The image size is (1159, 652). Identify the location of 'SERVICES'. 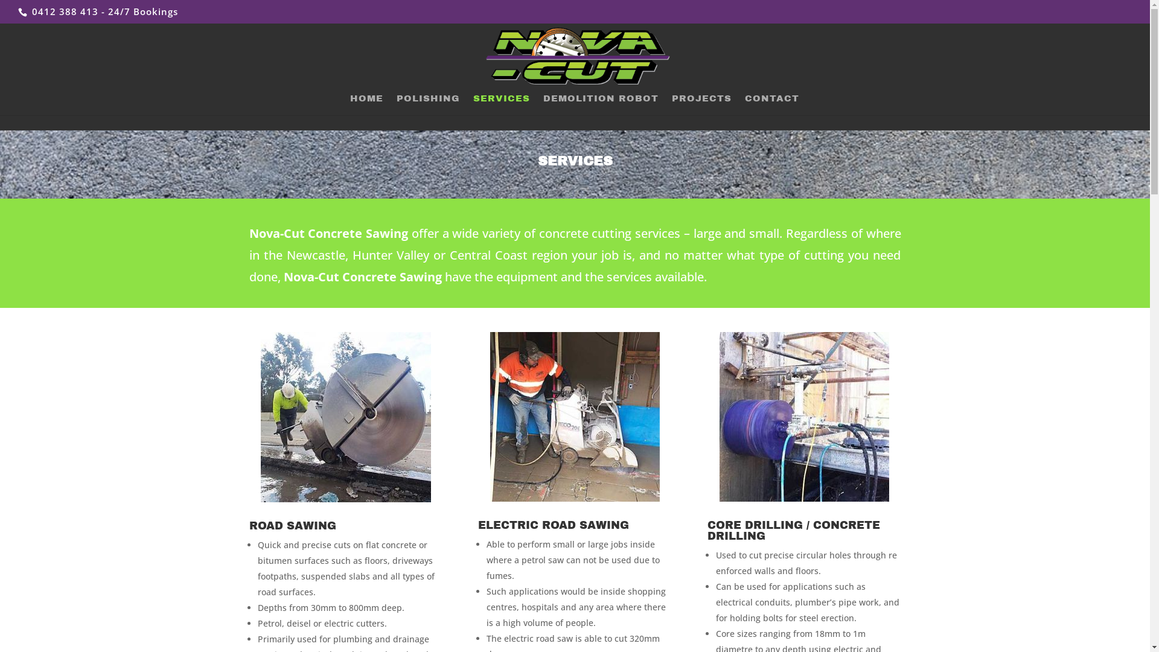
(501, 104).